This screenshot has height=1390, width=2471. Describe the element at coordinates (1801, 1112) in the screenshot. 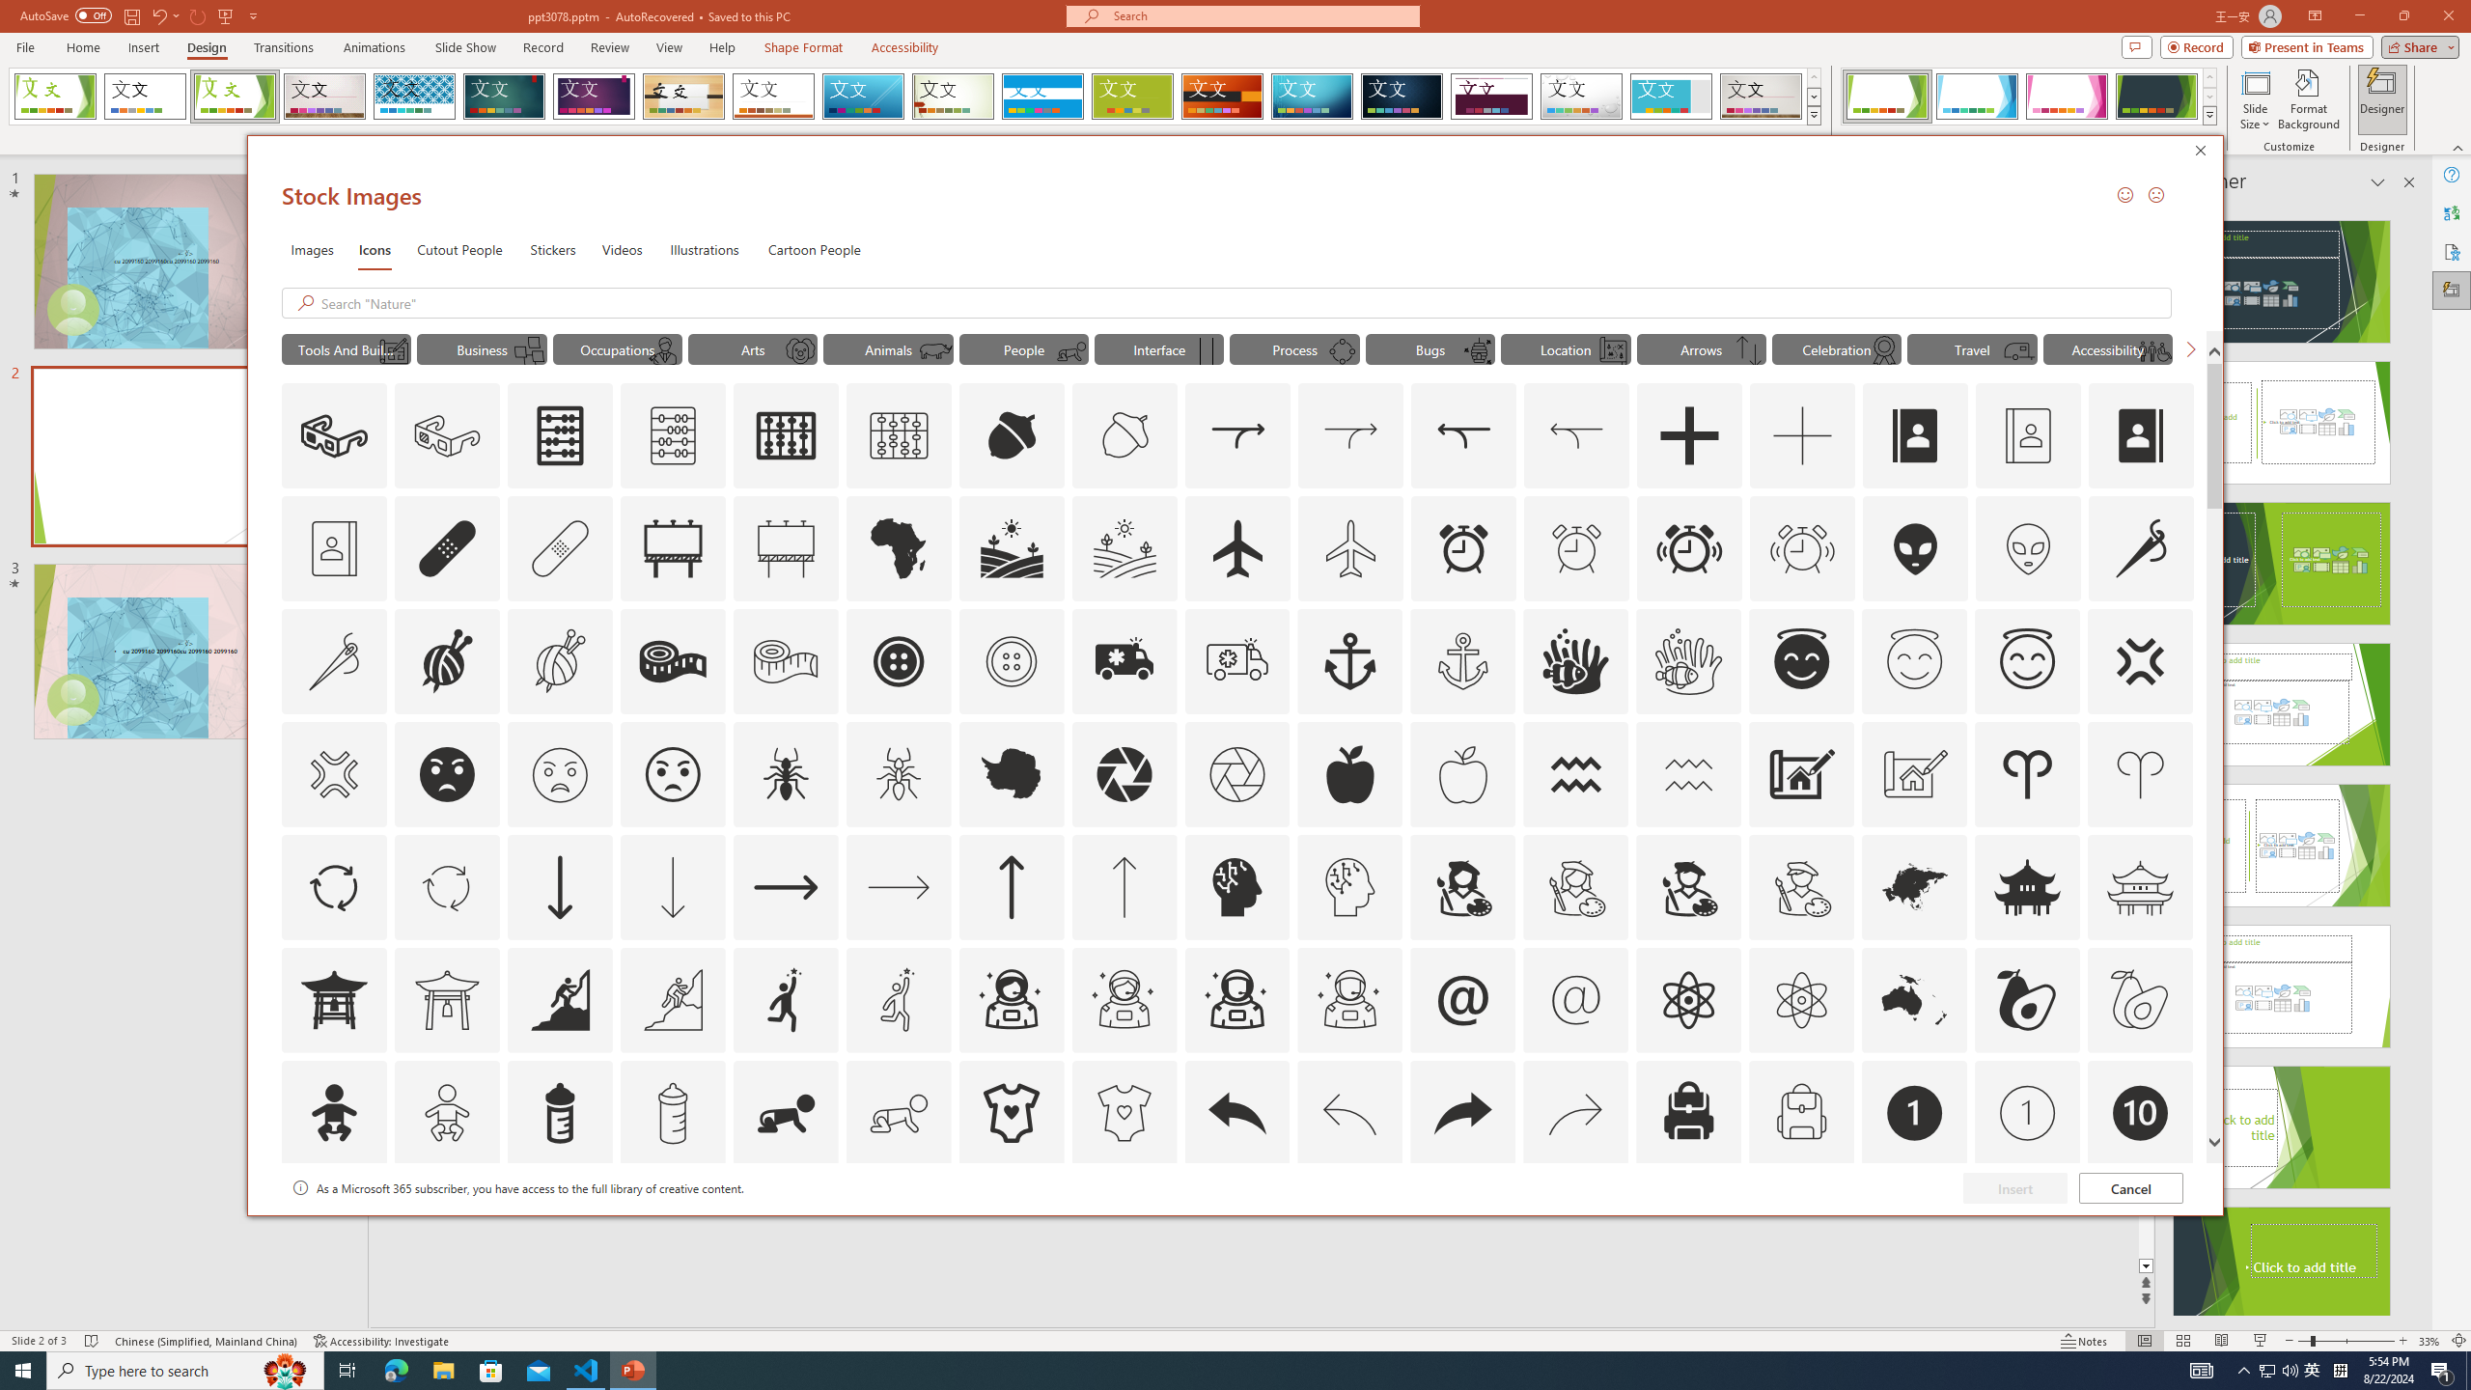

I see `'AutomationID: Icons_Backpack_M'` at that location.